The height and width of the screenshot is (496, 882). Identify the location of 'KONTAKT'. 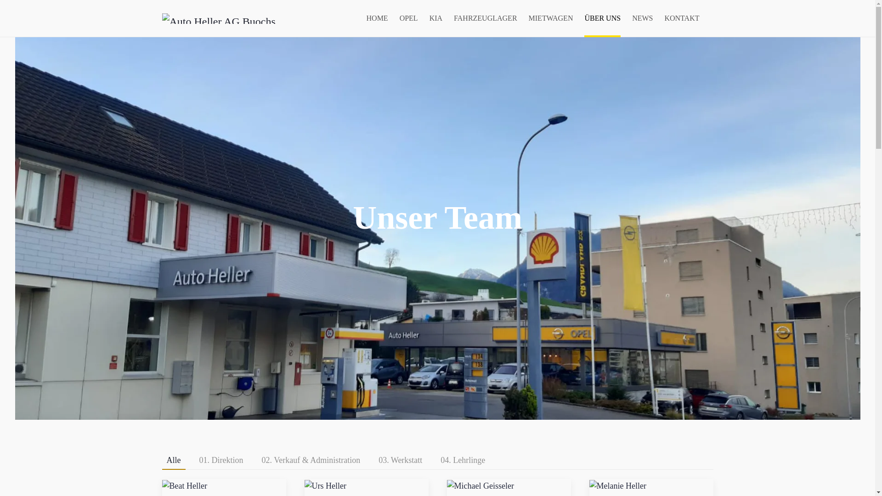
(681, 18).